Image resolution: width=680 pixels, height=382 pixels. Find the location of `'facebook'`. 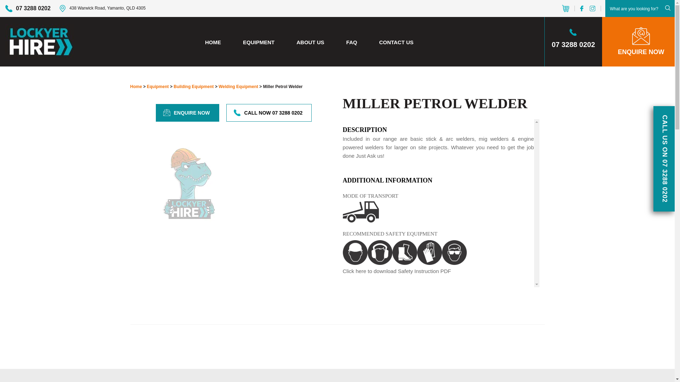

'facebook' is located at coordinates (583, 8).